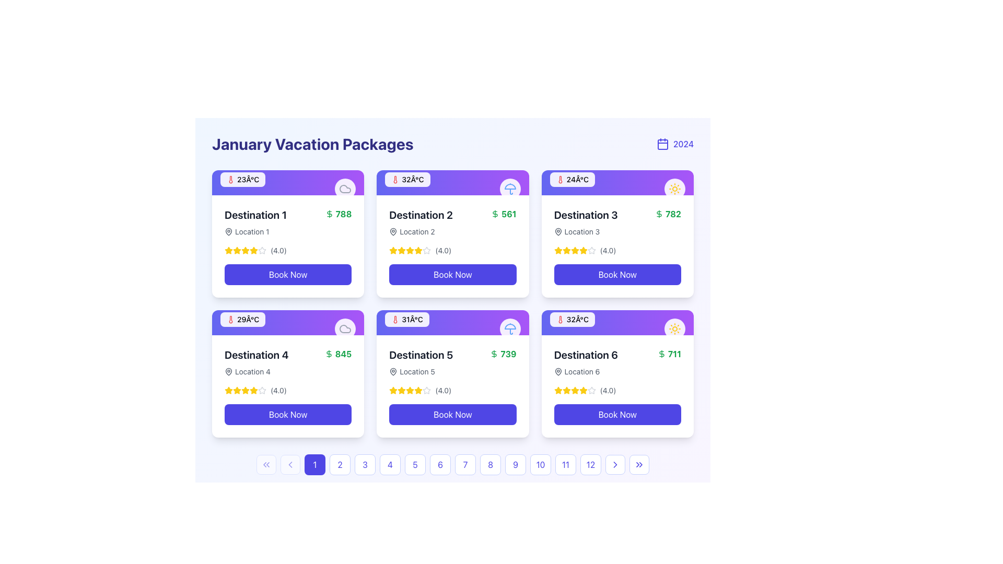 Image resolution: width=1003 pixels, height=564 pixels. I want to click on the bold green number '788' indicating price within the first card labeled 'Destination 1' in the top-left corner of the vacation packages grid, so click(343, 213).